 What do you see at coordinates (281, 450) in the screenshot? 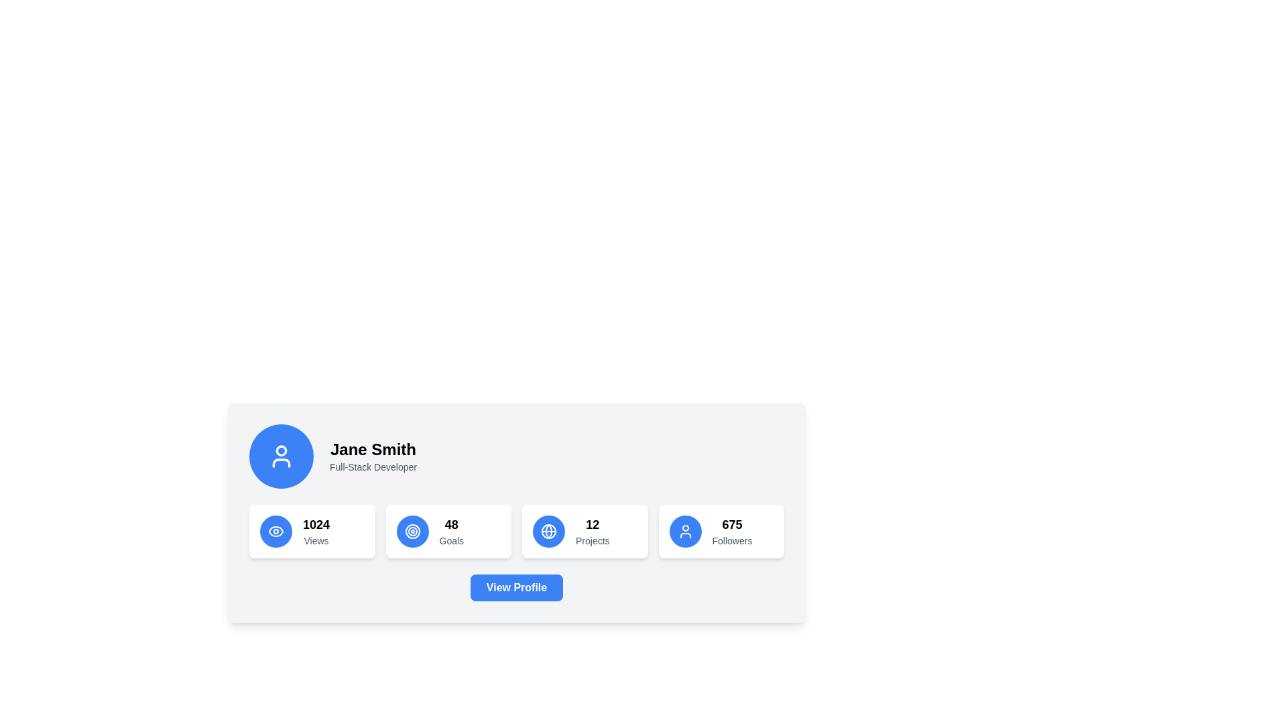
I see `the graphical SVG circle element representing the user profile icon located in the top left corner of the card` at bounding box center [281, 450].